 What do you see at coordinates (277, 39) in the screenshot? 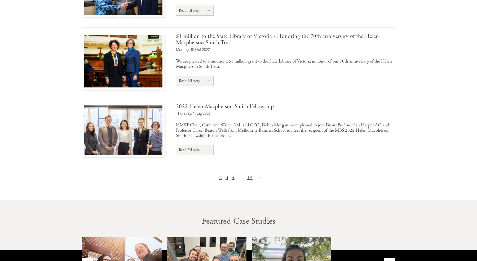
I see `'$1 million to the State Library of Victoria - Honoring the 70th anniversary of the Helen Macpherson Smith Trust'` at bounding box center [277, 39].